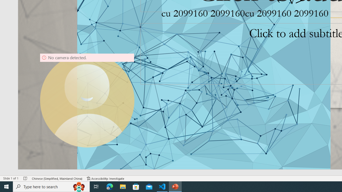 This screenshot has width=342, height=192. Describe the element at coordinates (87, 100) in the screenshot. I see `'Camera 9, No camera detected.'` at that location.